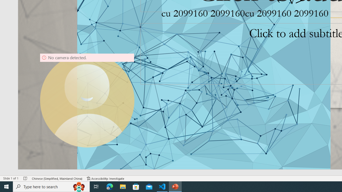 This screenshot has width=342, height=192. Describe the element at coordinates (87, 100) in the screenshot. I see `'Camera 9, No camera detected.'` at that location.